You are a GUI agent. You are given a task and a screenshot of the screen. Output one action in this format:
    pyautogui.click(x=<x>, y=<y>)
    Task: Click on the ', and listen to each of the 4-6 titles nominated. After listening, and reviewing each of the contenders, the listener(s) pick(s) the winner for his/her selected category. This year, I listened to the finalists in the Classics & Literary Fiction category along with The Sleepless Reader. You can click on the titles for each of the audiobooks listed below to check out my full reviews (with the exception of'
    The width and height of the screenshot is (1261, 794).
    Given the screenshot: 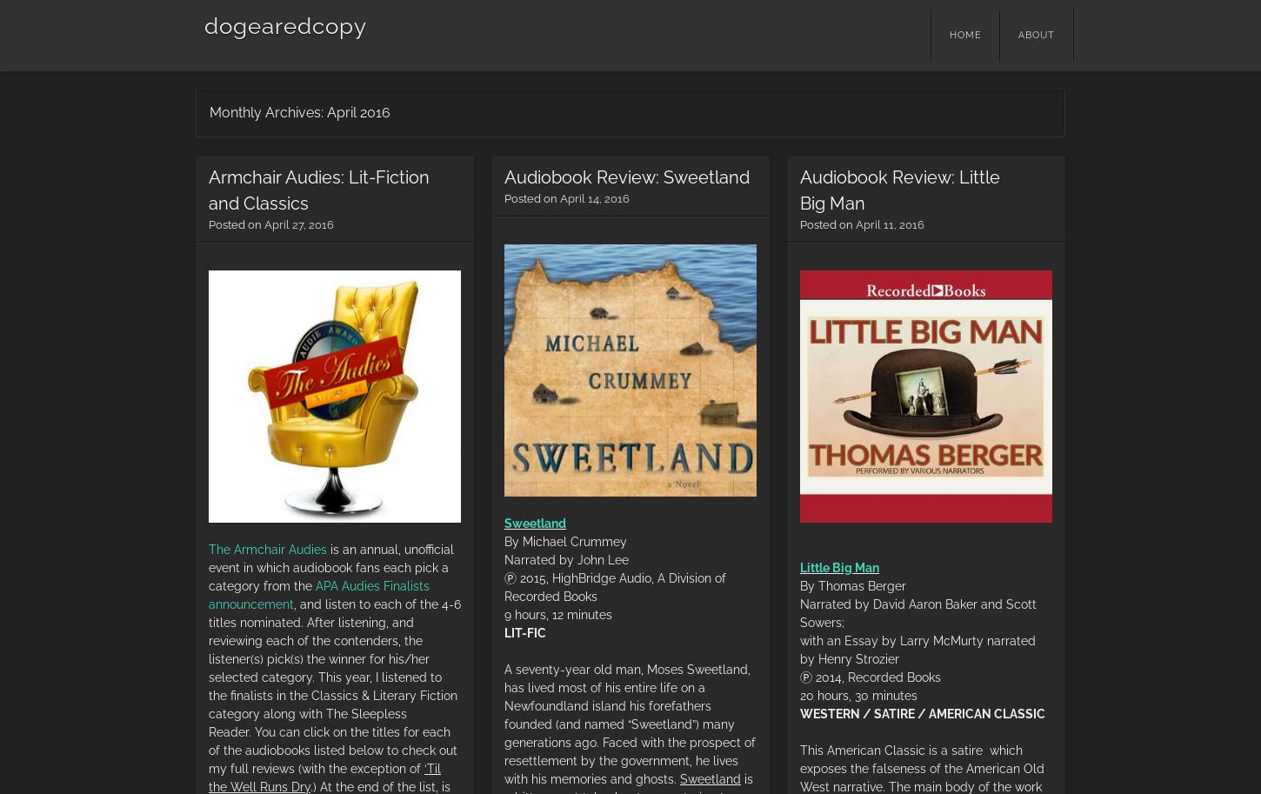 What is the action you would take?
    pyautogui.click(x=333, y=685)
    